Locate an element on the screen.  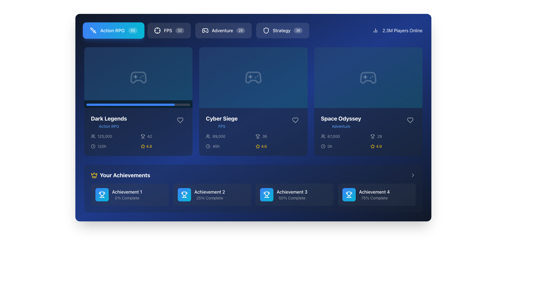
the Rating Star icon located in the lower section of the 'Dark Legends' card, which is directly to the left of the rating value '4.8' is located at coordinates (143, 146).